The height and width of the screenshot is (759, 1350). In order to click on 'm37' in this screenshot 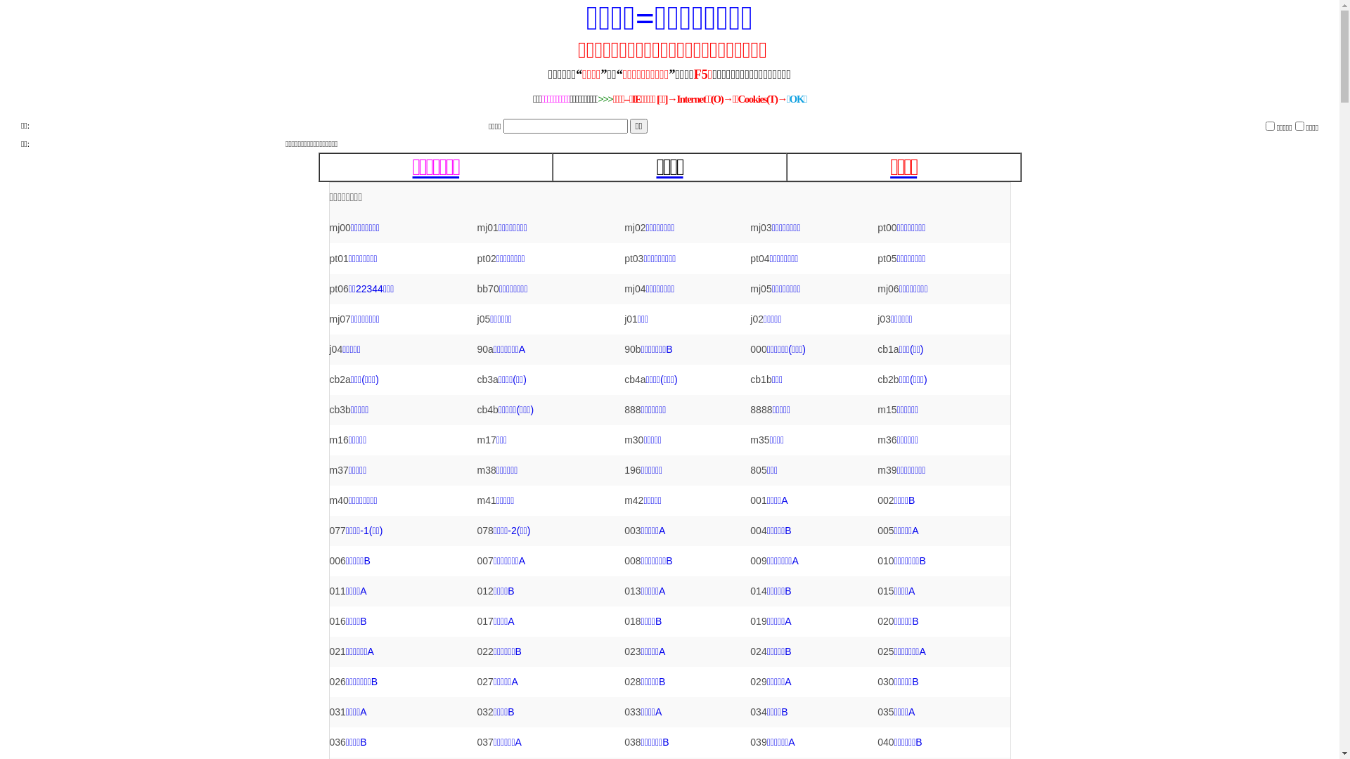, I will do `click(338, 469)`.